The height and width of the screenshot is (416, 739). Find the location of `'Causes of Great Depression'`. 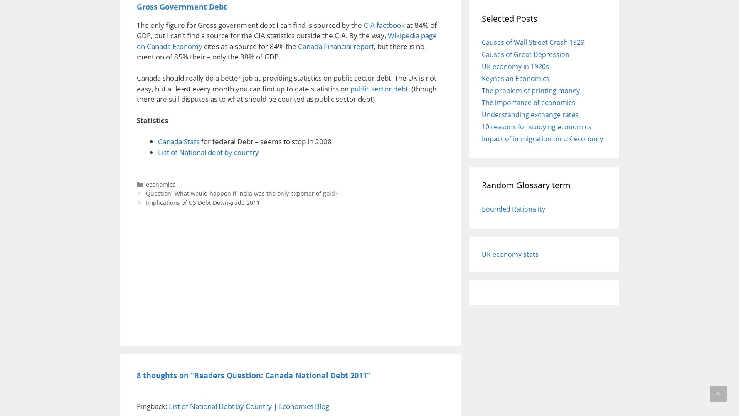

'Causes of Great Depression' is located at coordinates (525, 54).